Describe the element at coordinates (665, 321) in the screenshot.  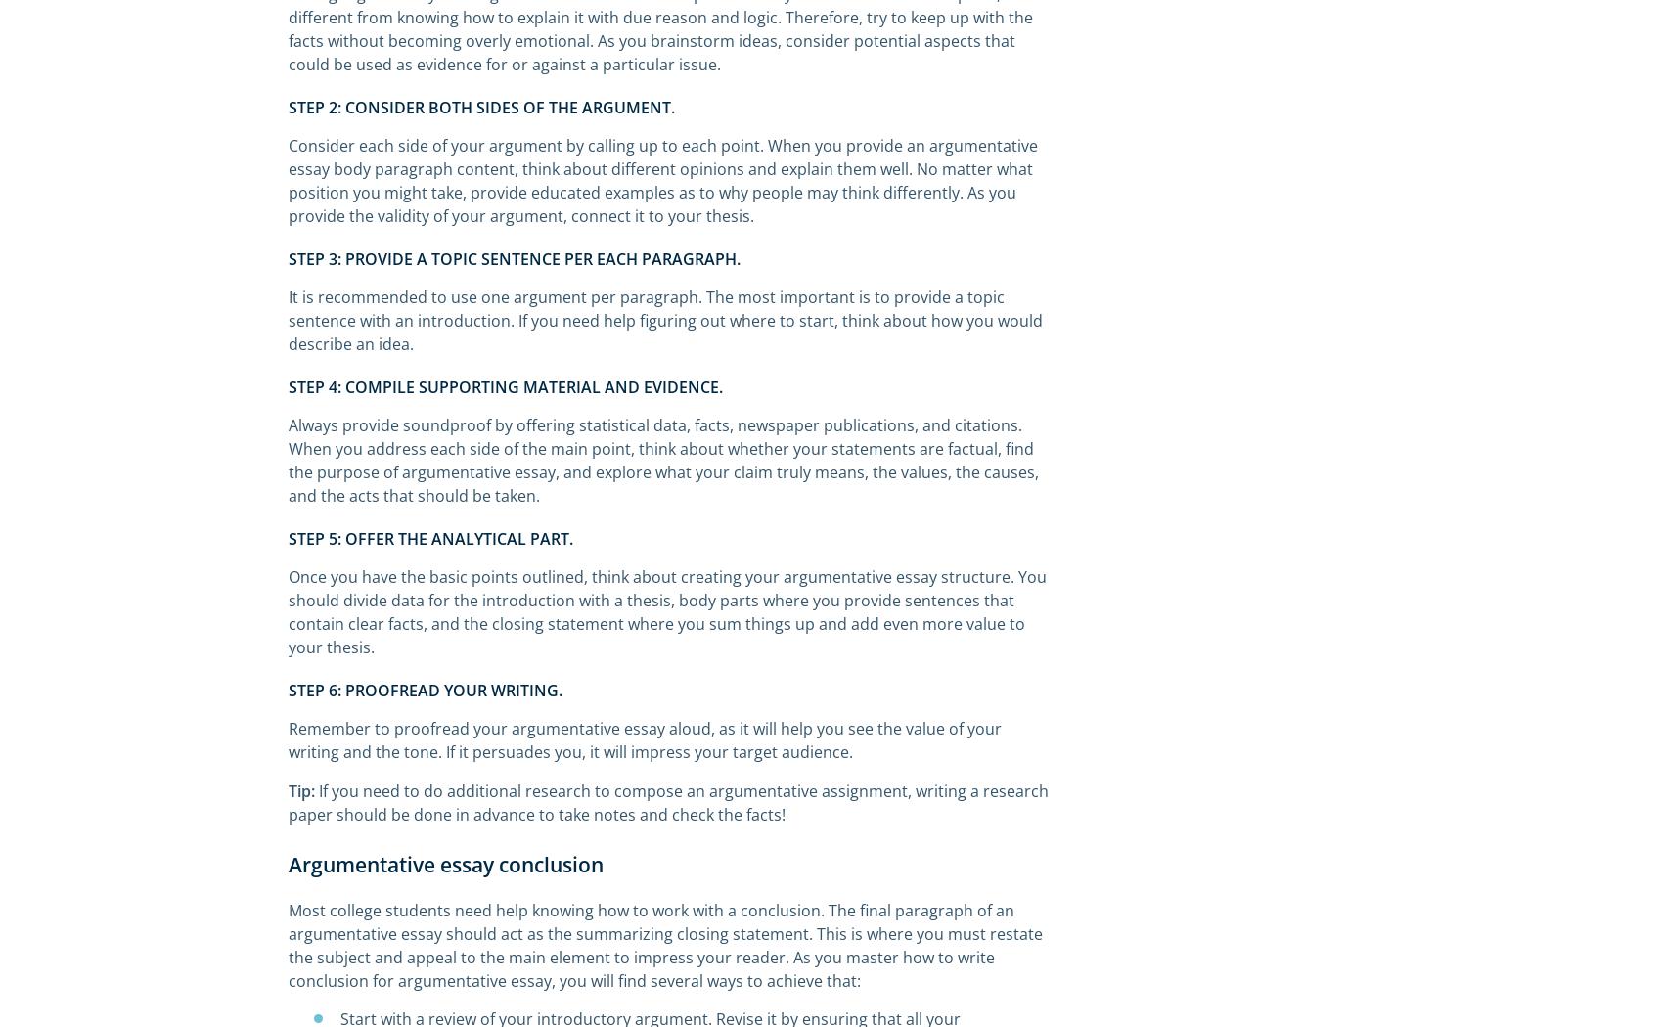
I see `'It is recommended to use one argument per paragraph. The most important is to provide a topic sentence with an introduction. If you need help figuring out where to start, think about how you would describe an idea.'` at that location.